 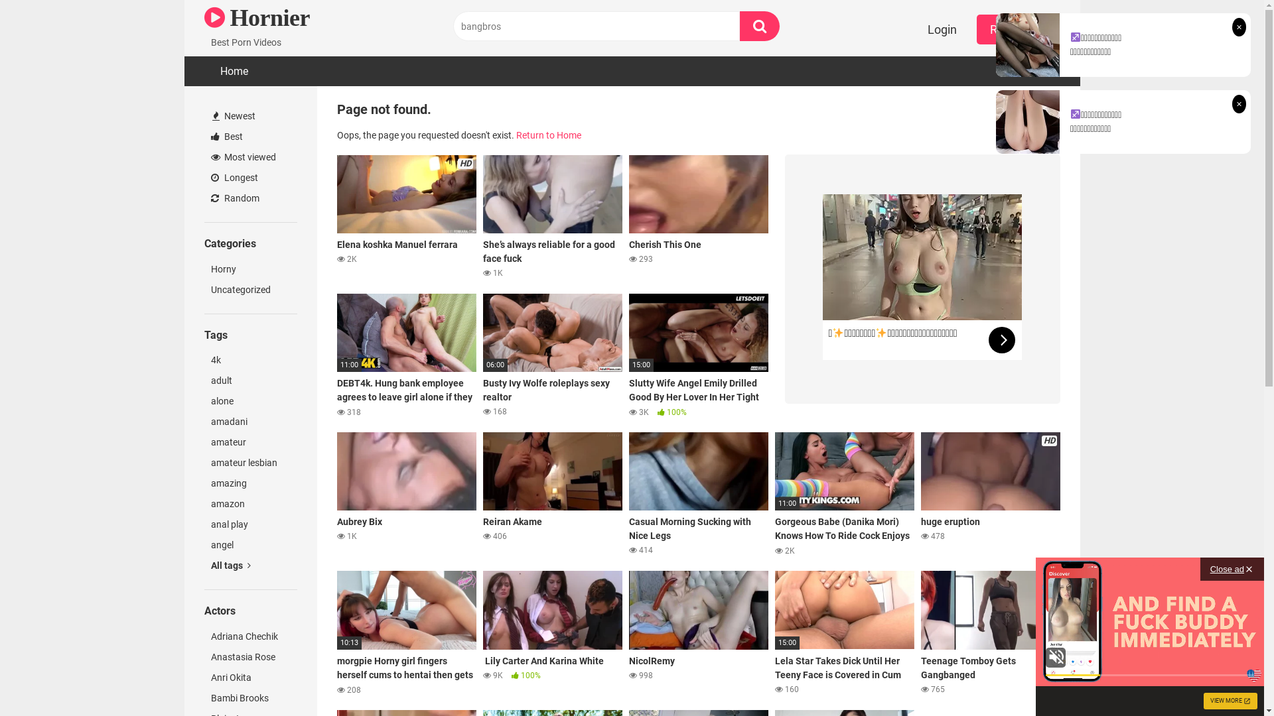 What do you see at coordinates (203, 400) in the screenshot?
I see `'alone'` at bounding box center [203, 400].